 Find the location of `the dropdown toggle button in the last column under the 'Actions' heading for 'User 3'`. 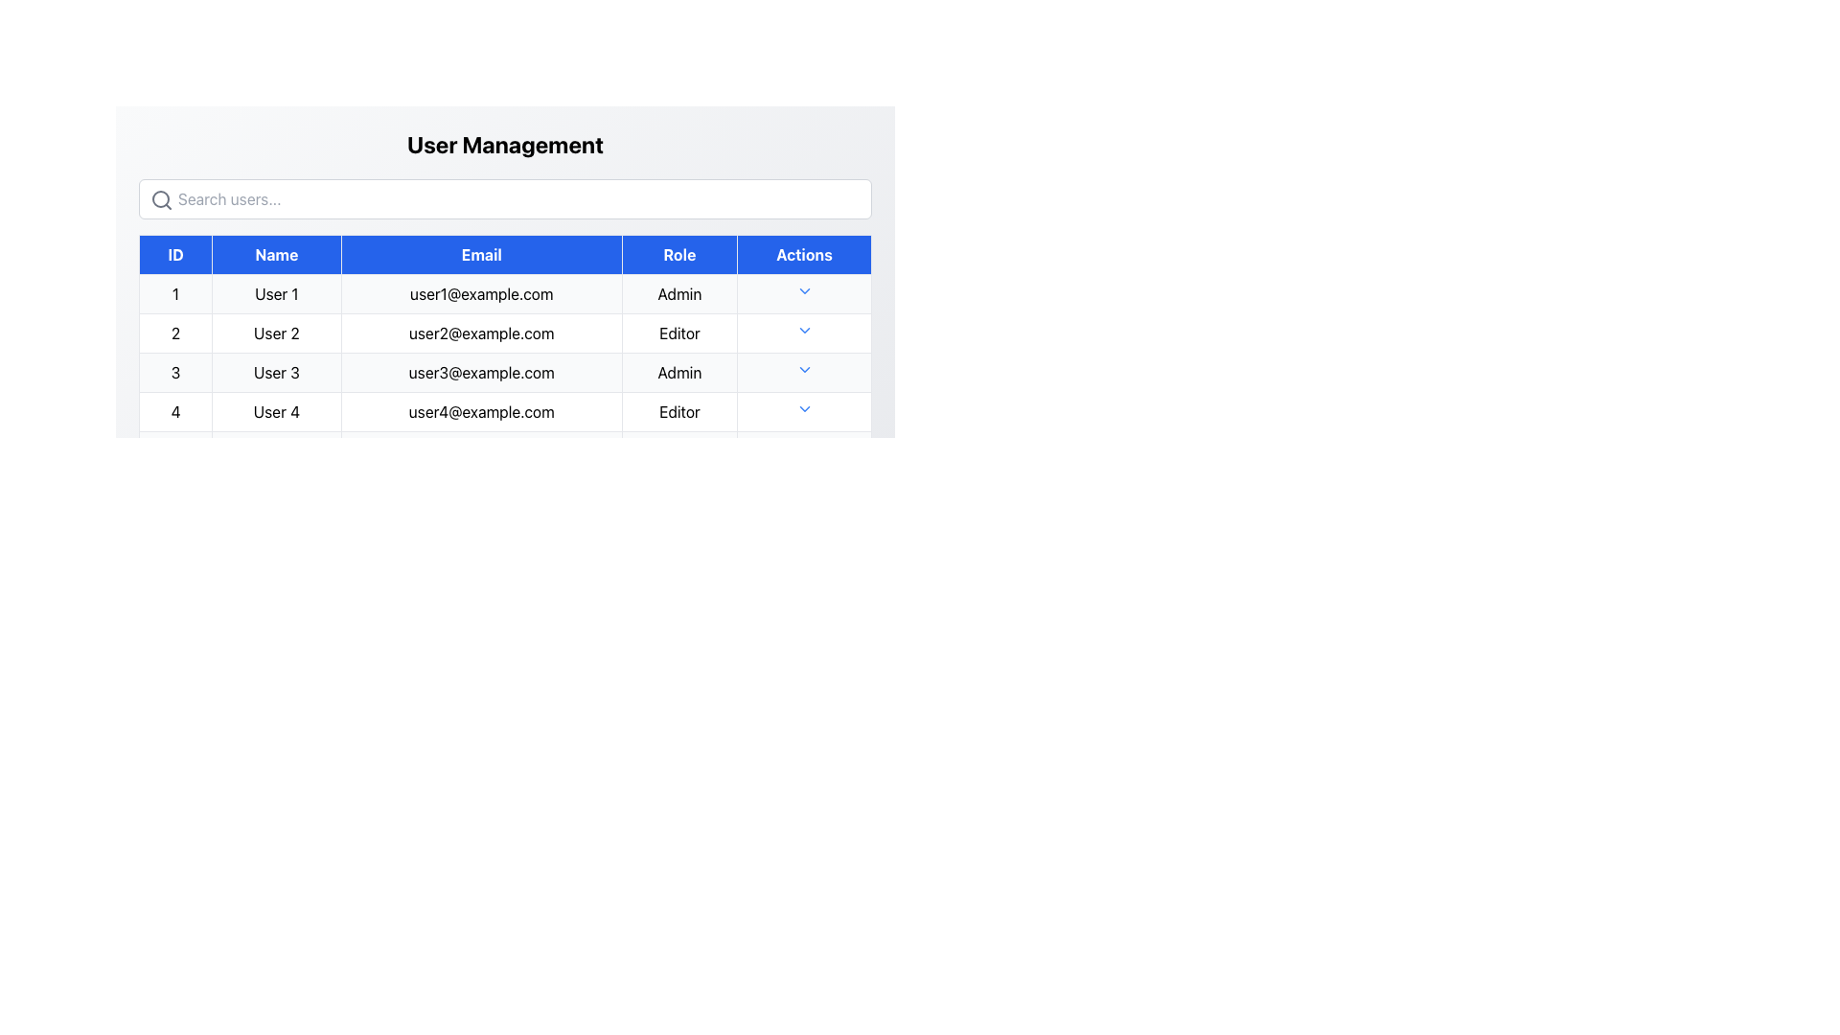

the dropdown toggle button in the last column under the 'Actions' heading for 'User 3' is located at coordinates (804, 373).